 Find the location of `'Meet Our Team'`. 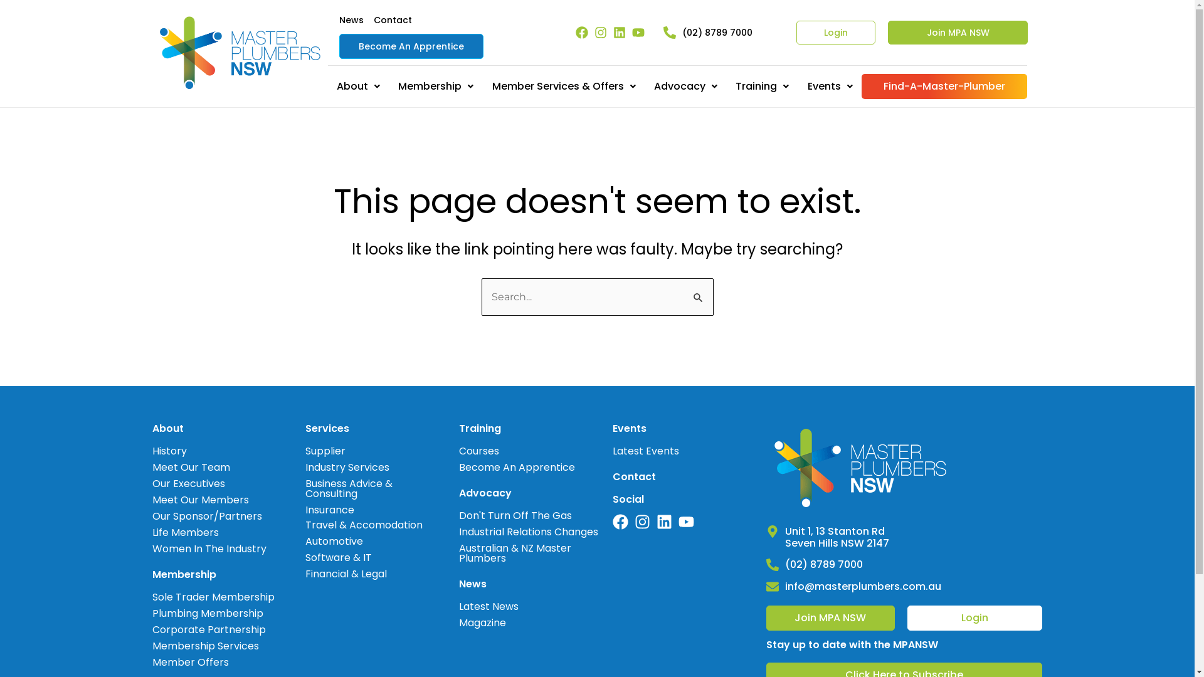

'Meet Our Team' is located at coordinates (150, 467).